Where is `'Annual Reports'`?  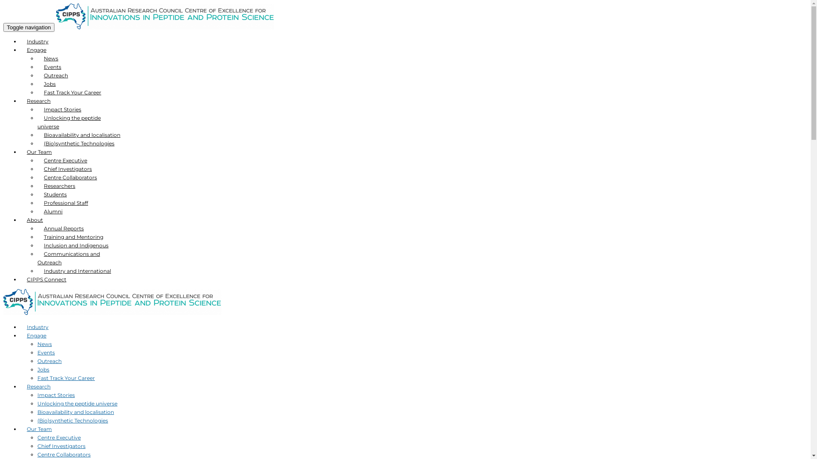
'Annual Reports' is located at coordinates (63, 228).